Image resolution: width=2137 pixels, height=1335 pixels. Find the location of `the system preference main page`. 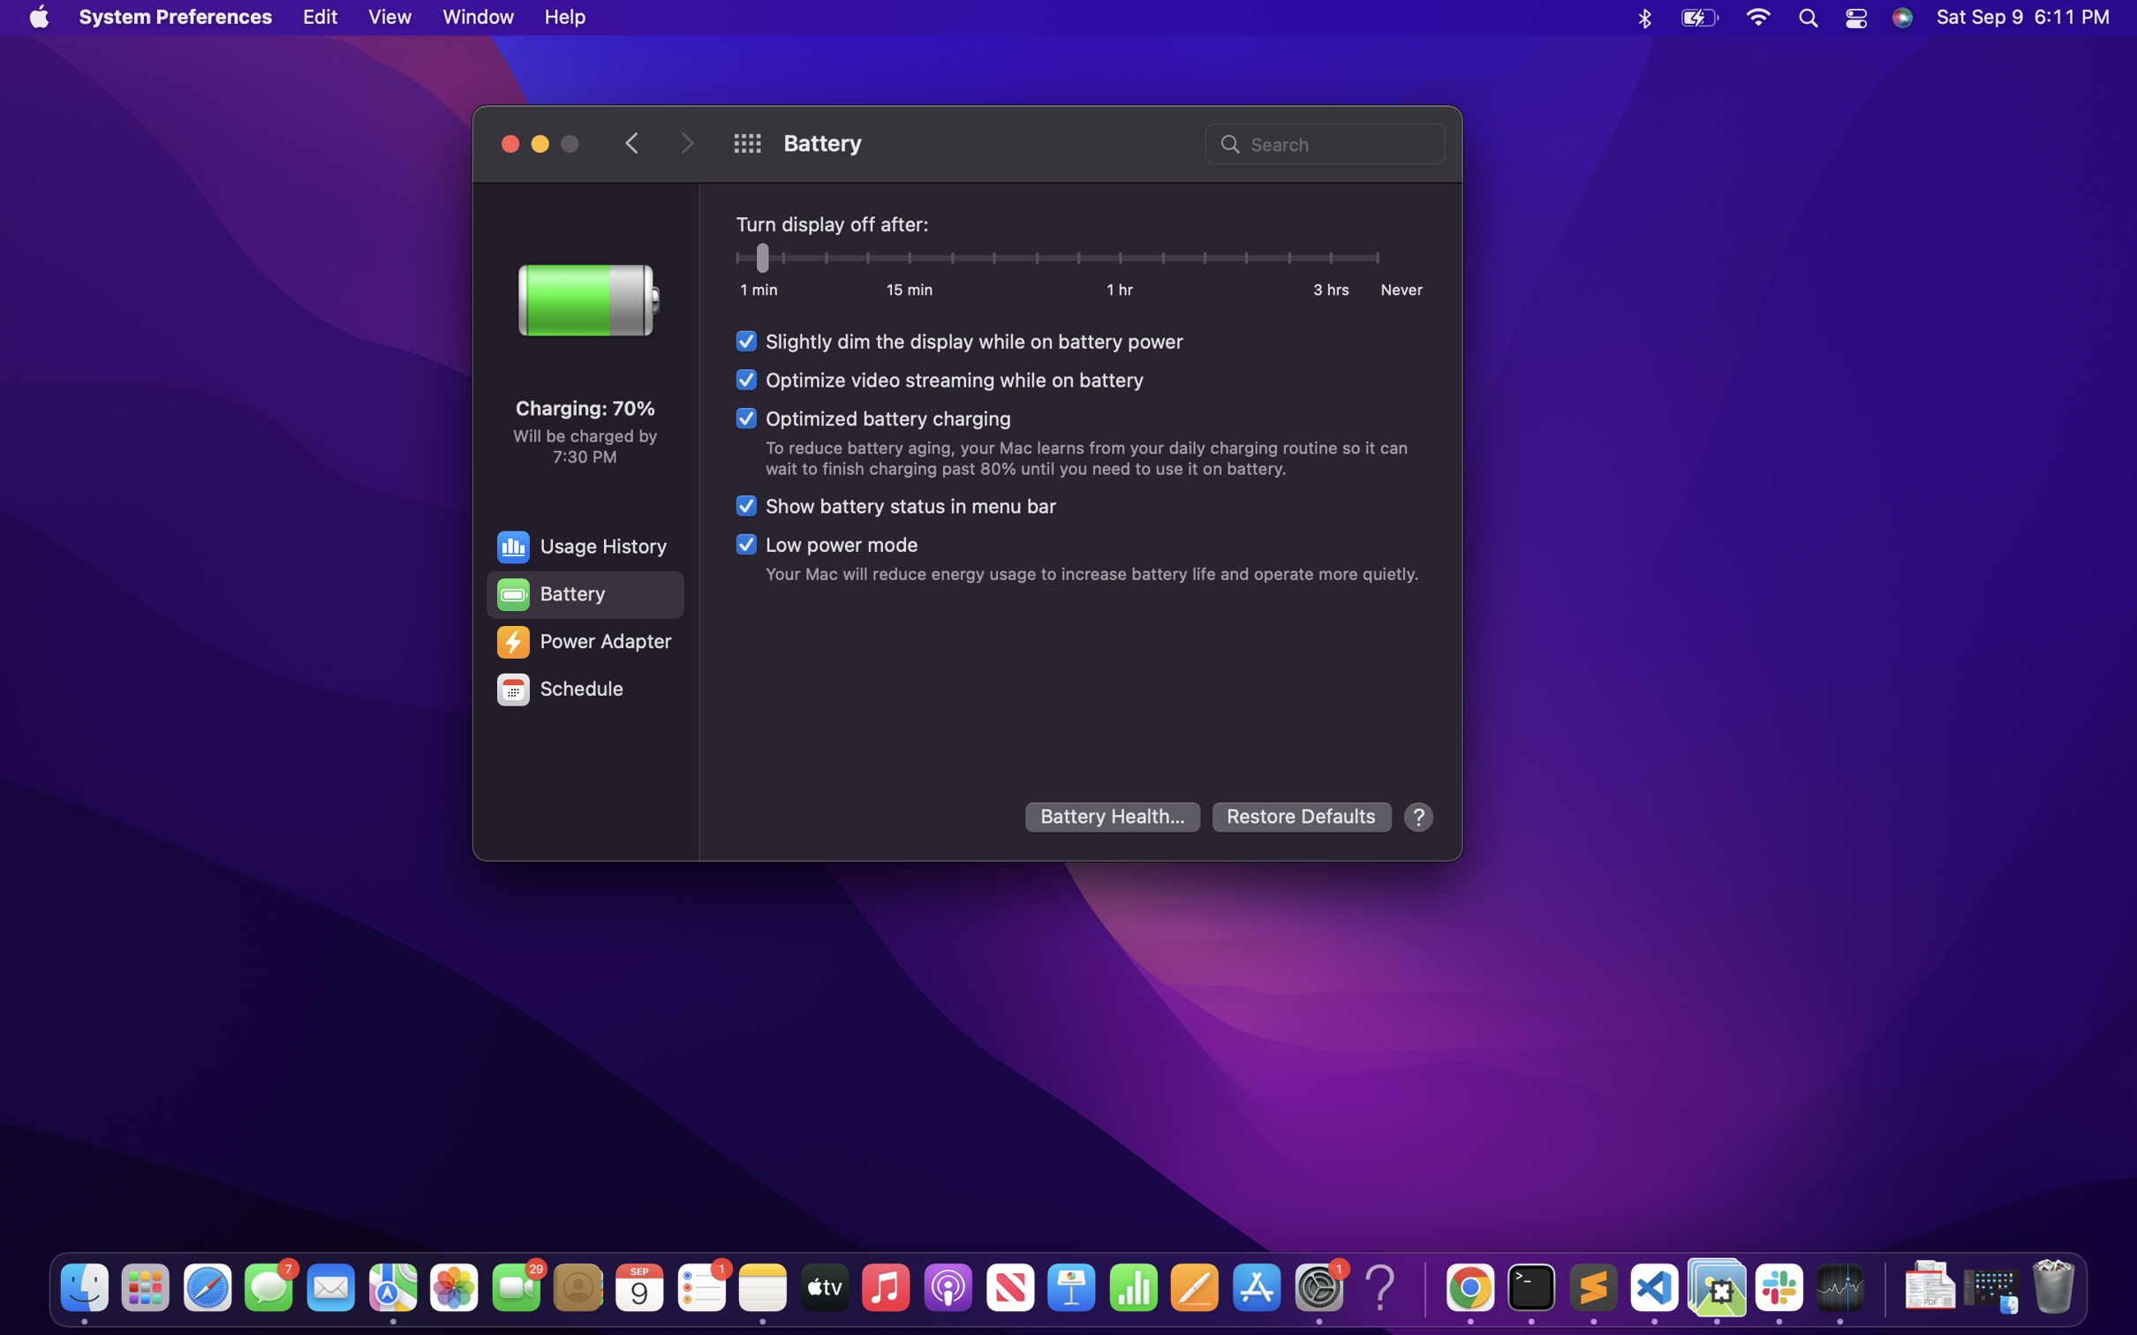

the system preference main page is located at coordinates (746, 143).